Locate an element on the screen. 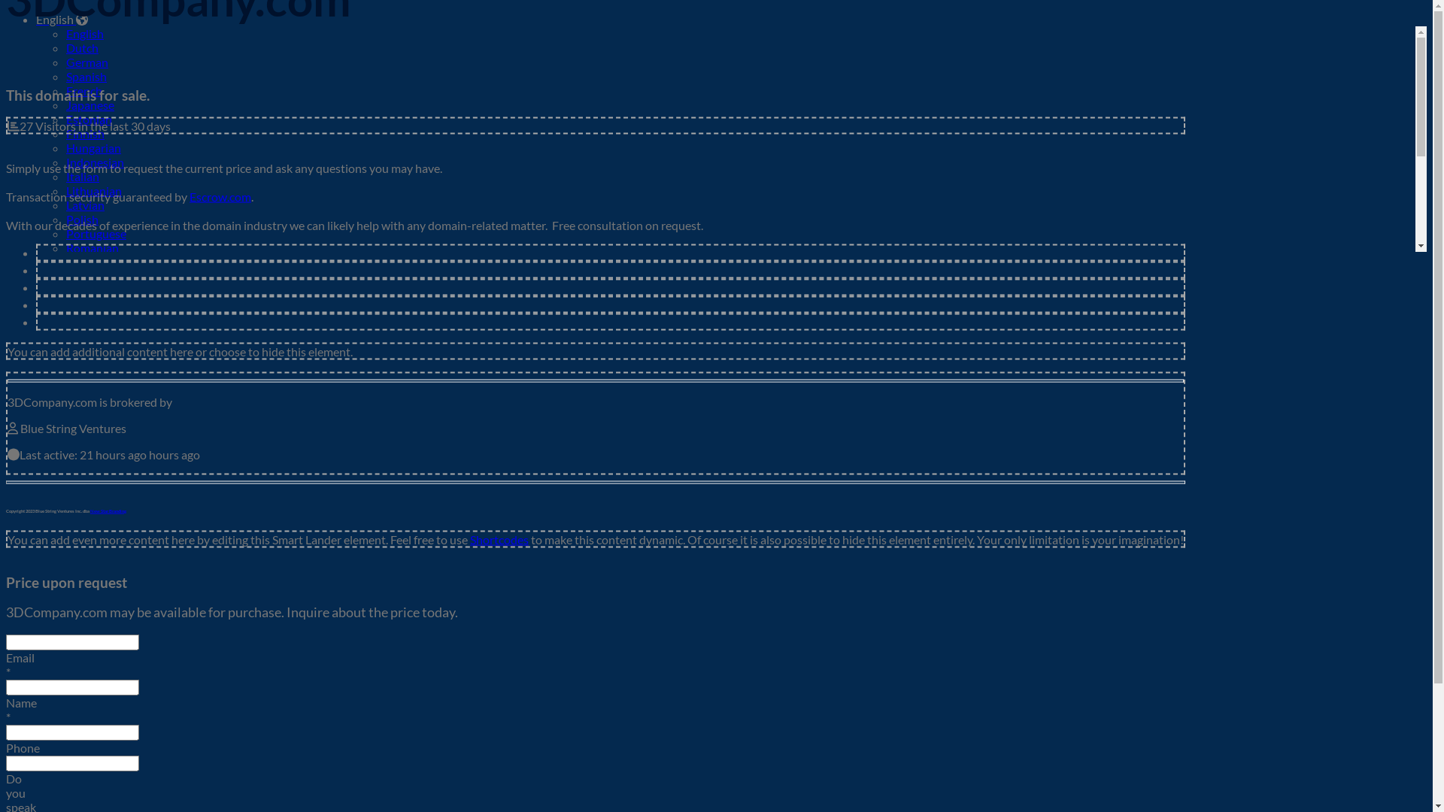 The height and width of the screenshot is (812, 1444). 'Latvian' is located at coordinates (84, 205).